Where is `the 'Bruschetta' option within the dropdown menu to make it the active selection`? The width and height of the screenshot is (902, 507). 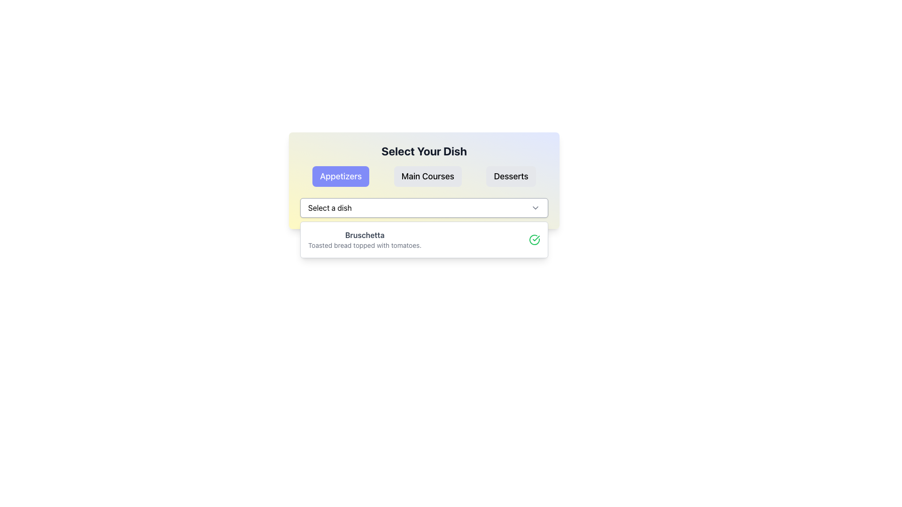
the 'Bruschetta' option within the dropdown menu to make it the active selection is located at coordinates (423, 239).